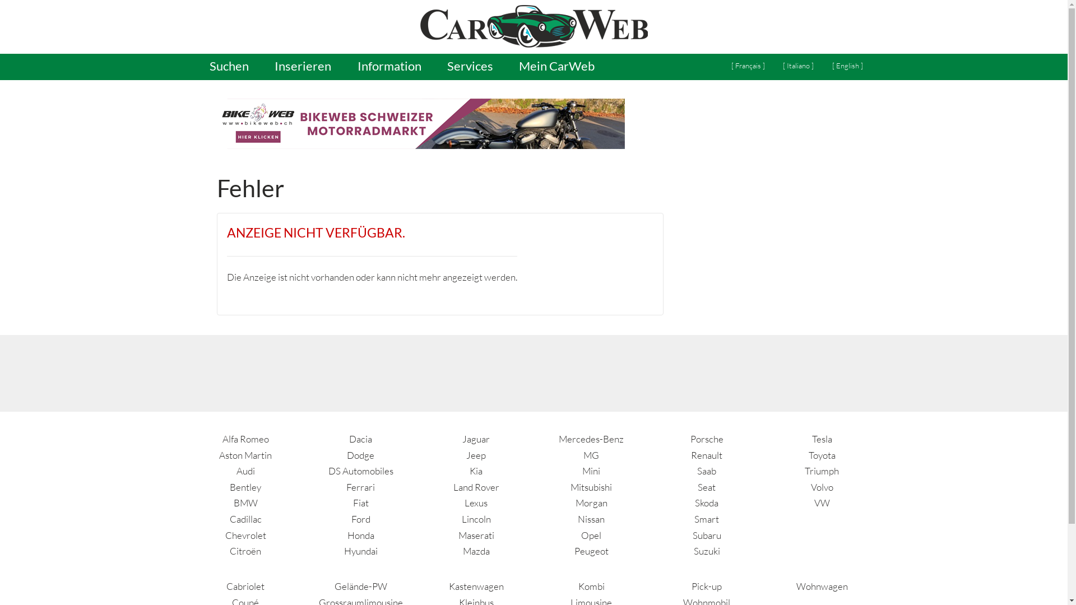 This screenshot has width=1076, height=605. I want to click on 'Volvo', so click(822, 486).